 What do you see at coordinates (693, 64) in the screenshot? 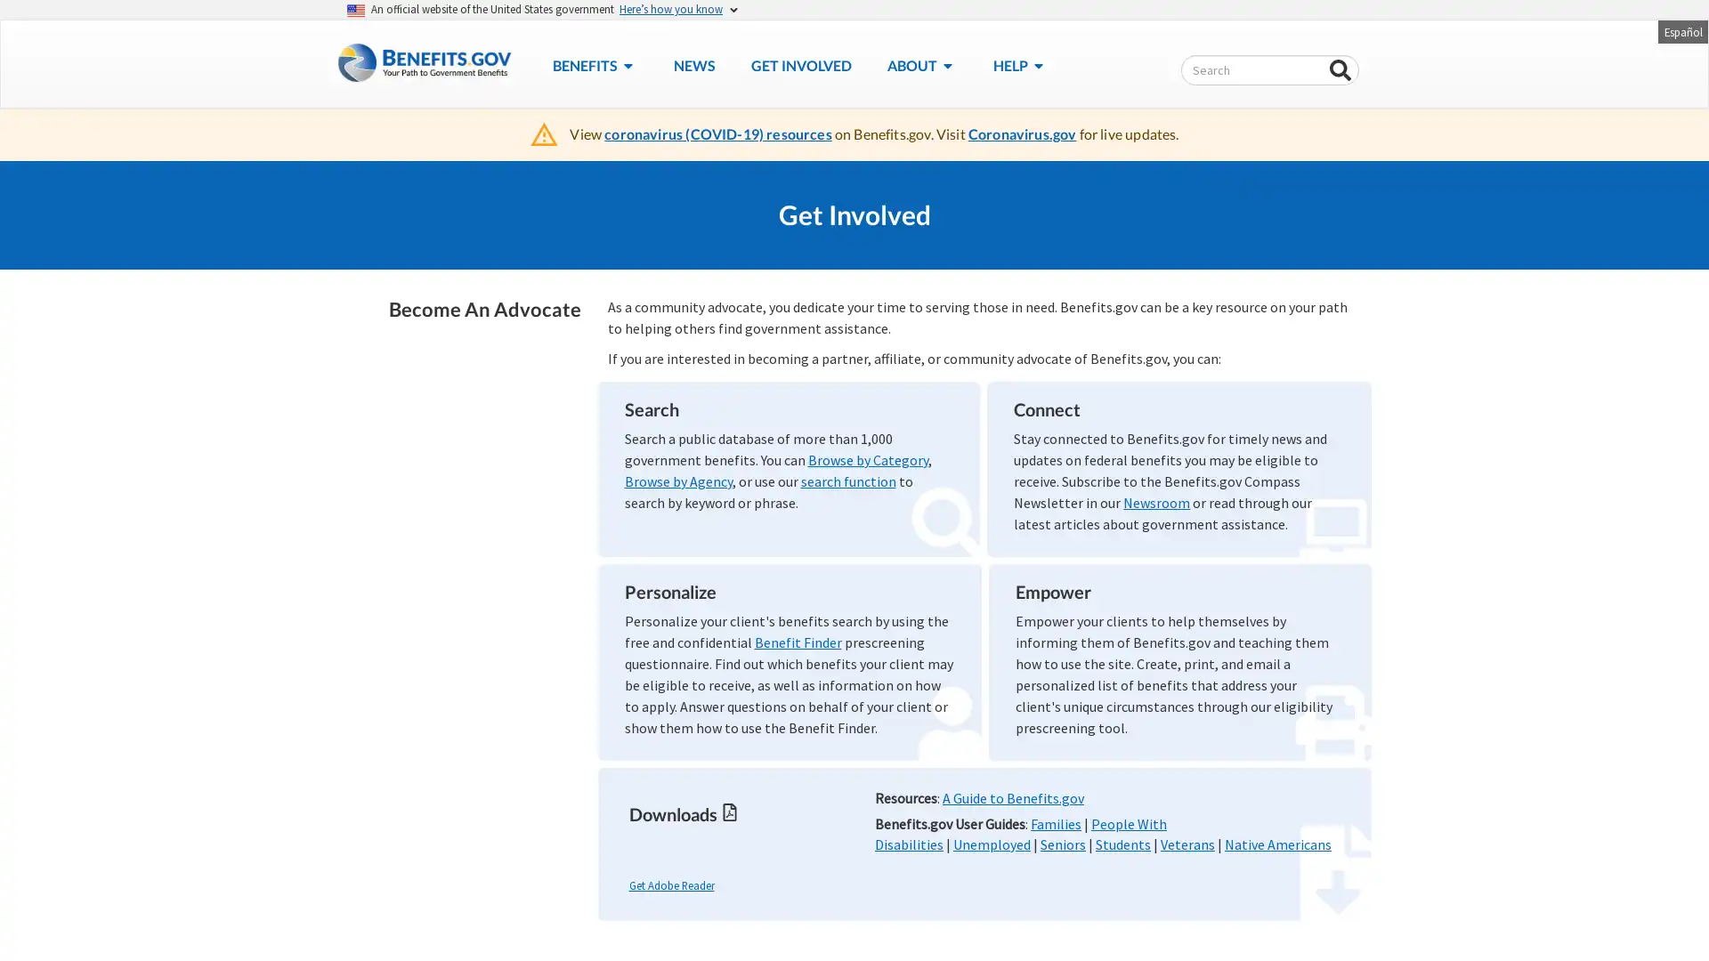
I see `NEWS` at bounding box center [693, 64].